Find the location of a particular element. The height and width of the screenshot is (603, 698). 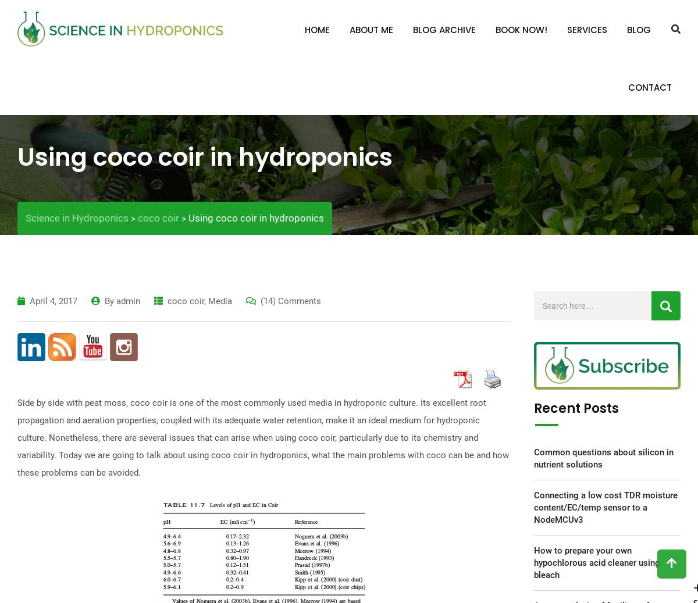

'admin' is located at coordinates (127, 300).